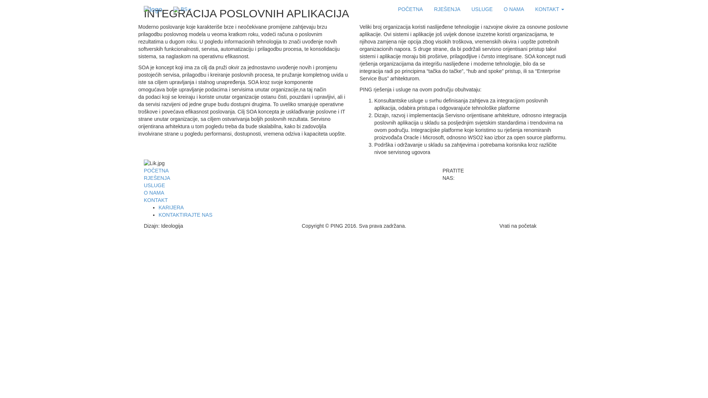 This screenshot has height=398, width=708. I want to click on 'BS', so click(182, 9).